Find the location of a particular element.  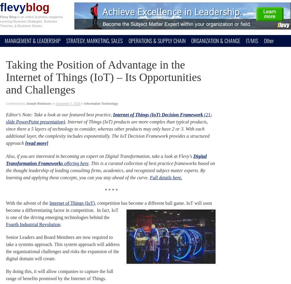

'Digital Transformation Frameworks' is located at coordinates (106, 159).